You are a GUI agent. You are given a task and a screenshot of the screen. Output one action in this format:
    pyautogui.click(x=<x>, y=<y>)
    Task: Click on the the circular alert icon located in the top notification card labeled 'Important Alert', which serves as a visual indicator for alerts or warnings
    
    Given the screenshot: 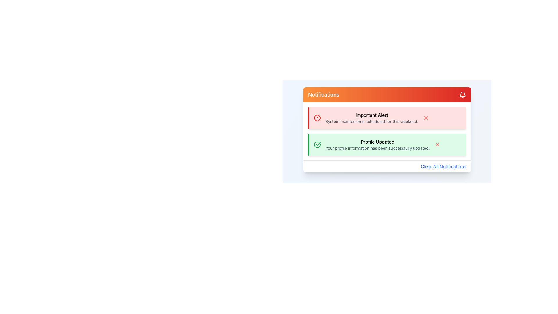 What is the action you would take?
    pyautogui.click(x=317, y=118)
    